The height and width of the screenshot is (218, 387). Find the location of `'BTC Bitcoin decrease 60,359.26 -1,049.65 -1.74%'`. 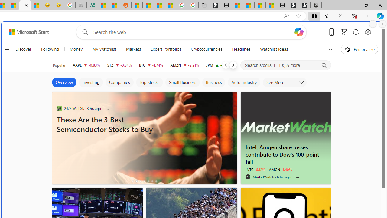

'BTC Bitcoin decrease 60,359.26 -1,049.65 -1.74%' is located at coordinates (151, 65).